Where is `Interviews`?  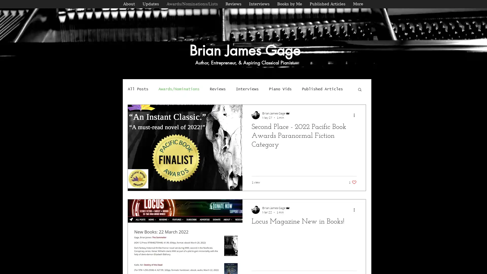 Interviews is located at coordinates (247, 89).